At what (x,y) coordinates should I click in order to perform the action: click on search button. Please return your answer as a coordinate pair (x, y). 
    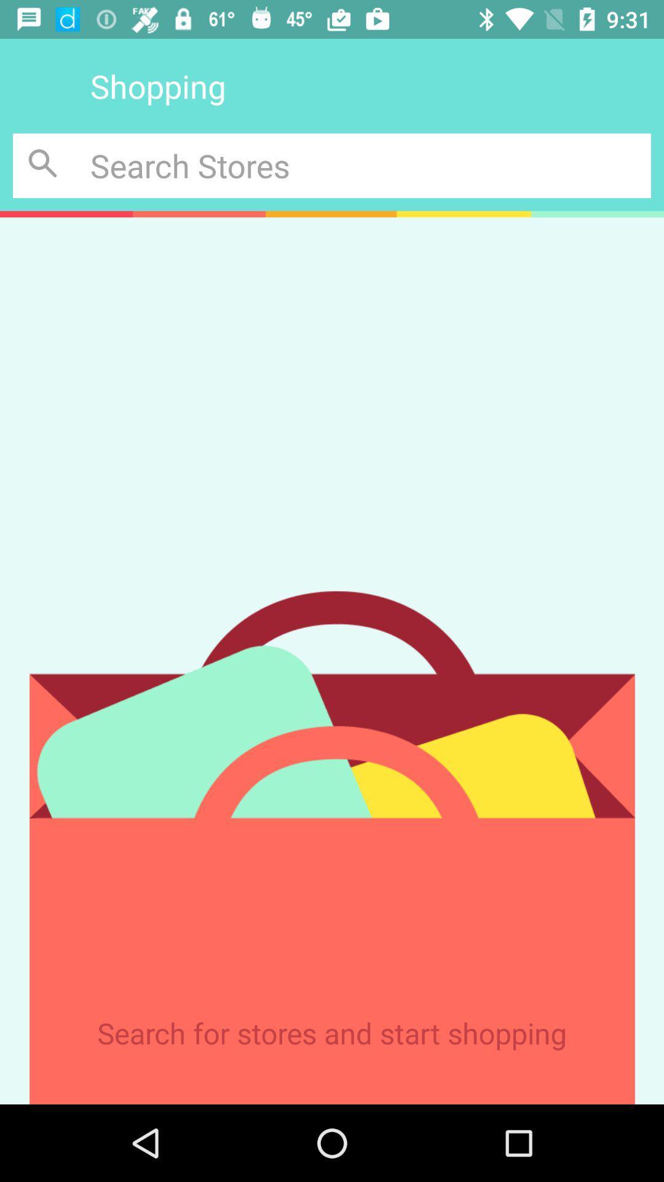
    Looking at the image, I should click on (44, 165).